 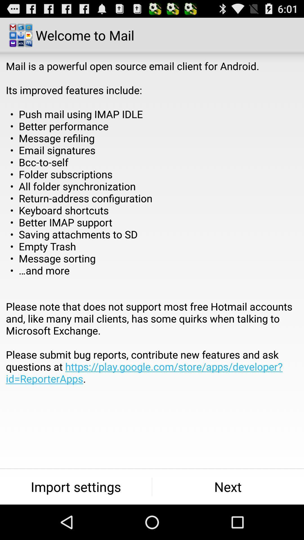 I want to click on the next item, so click(x=228, y=487).